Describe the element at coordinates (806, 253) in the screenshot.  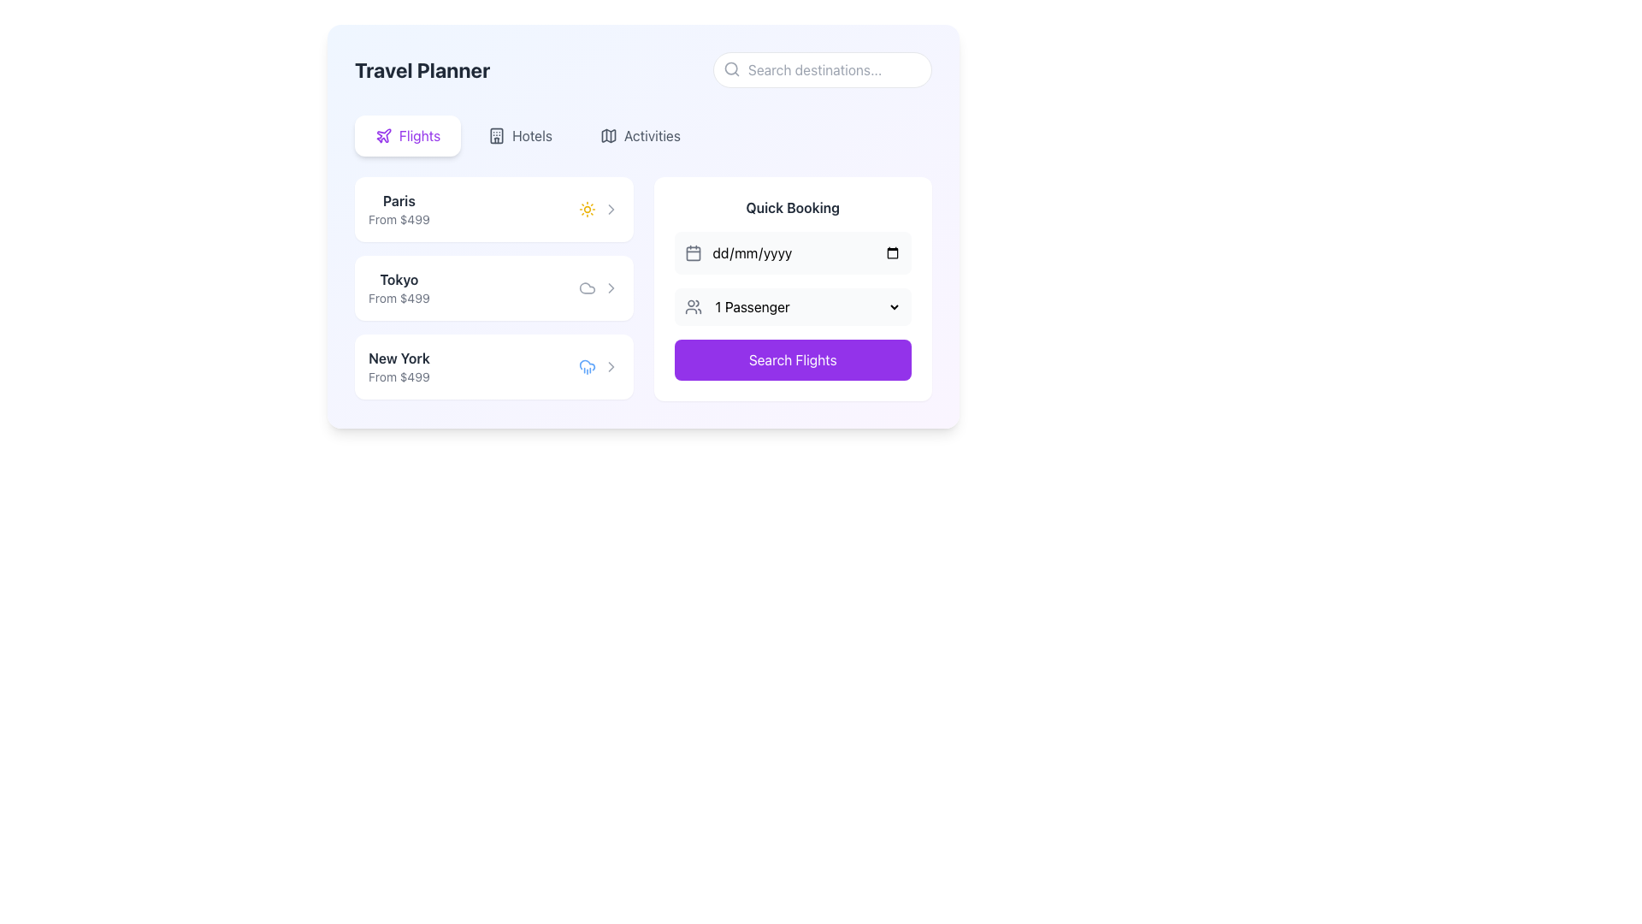
I see `a date using the calendar dropdown from the Date input field located in the 'Quick Booking' section, which is styled with a transparent background and has a placeholder in 'dd/mm/yyyy' format` at that location.